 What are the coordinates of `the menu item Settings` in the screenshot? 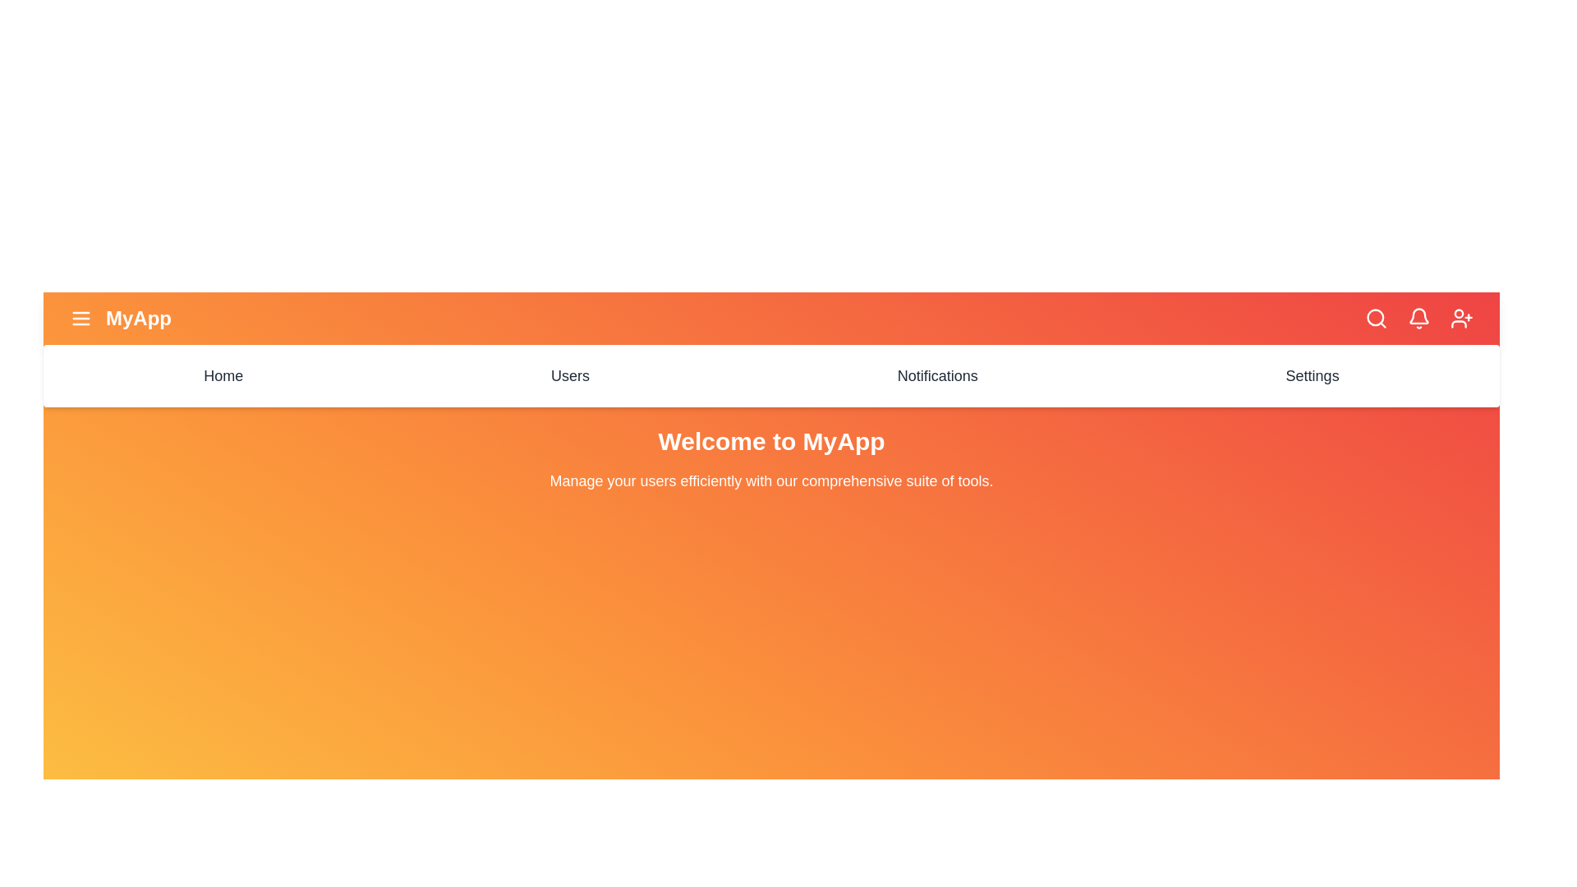 It's located at (1312, 376).